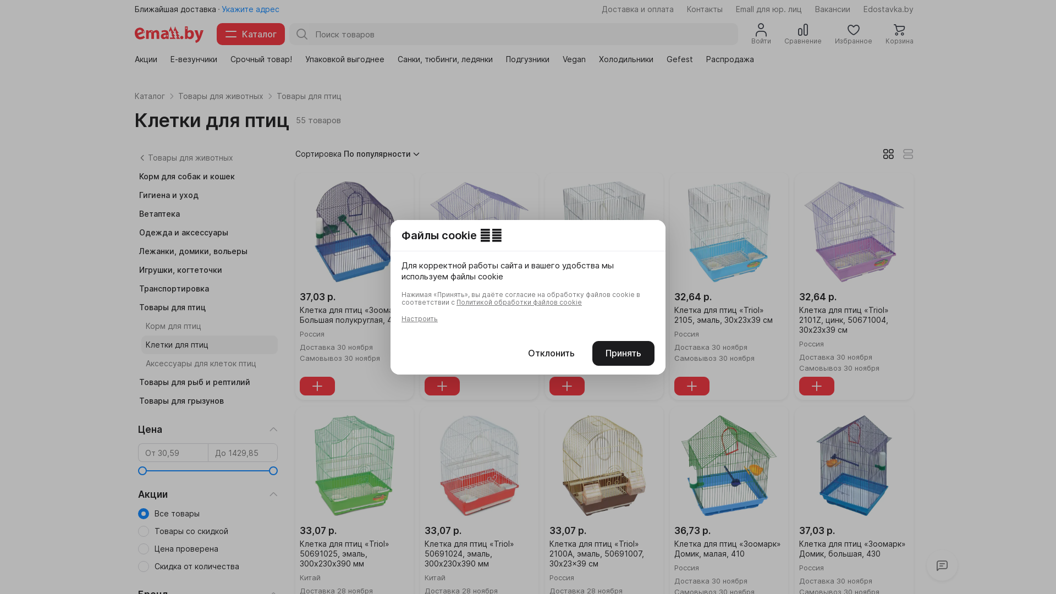  I want to click on 'Edostavka.by', so click(862, 9).